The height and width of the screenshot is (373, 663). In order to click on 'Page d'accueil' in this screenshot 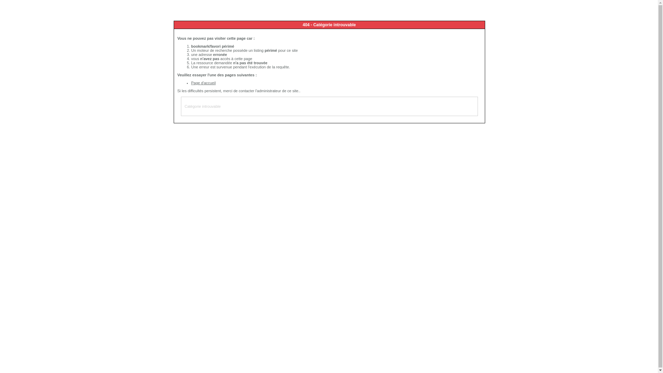, I will do `click(191, 82)`.